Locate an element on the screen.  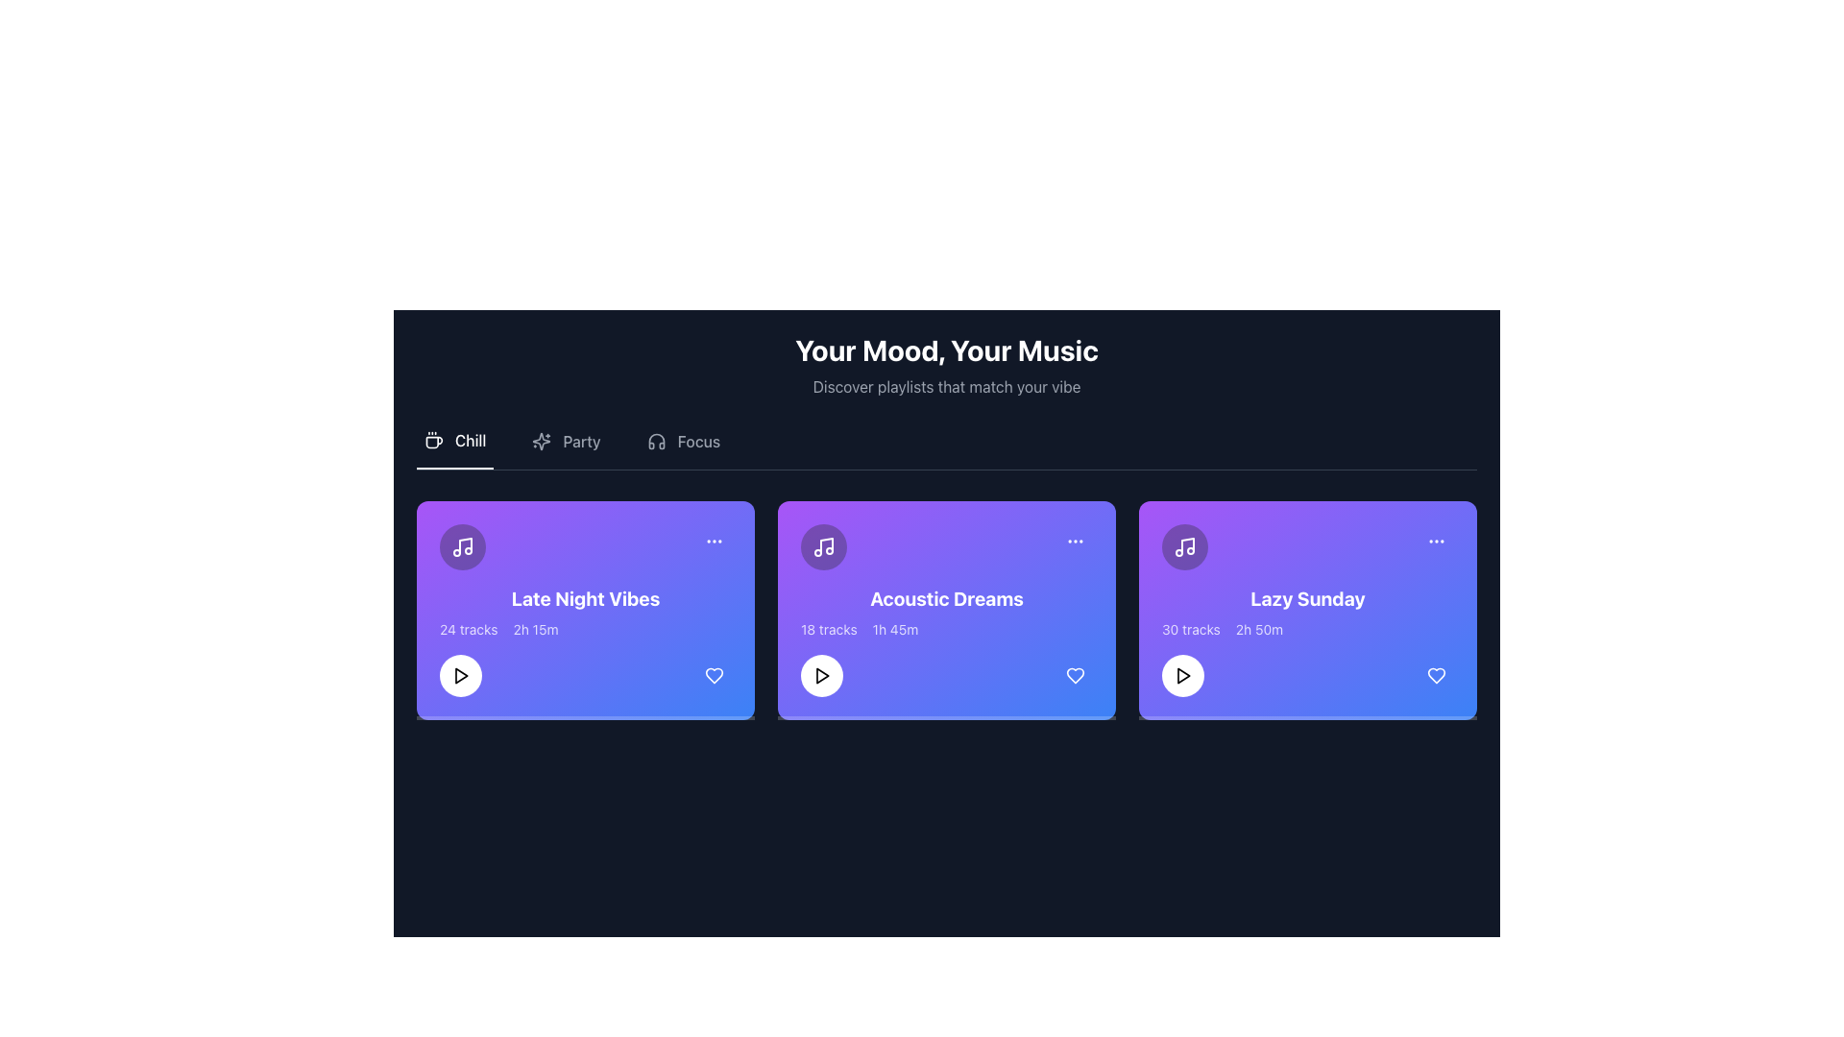
the text element with the title 'Your Mood, Your Music' and subtitle 'Discover playlists that match your vibe' to trigger any tooltip effect is located at coordinates (946, 366).